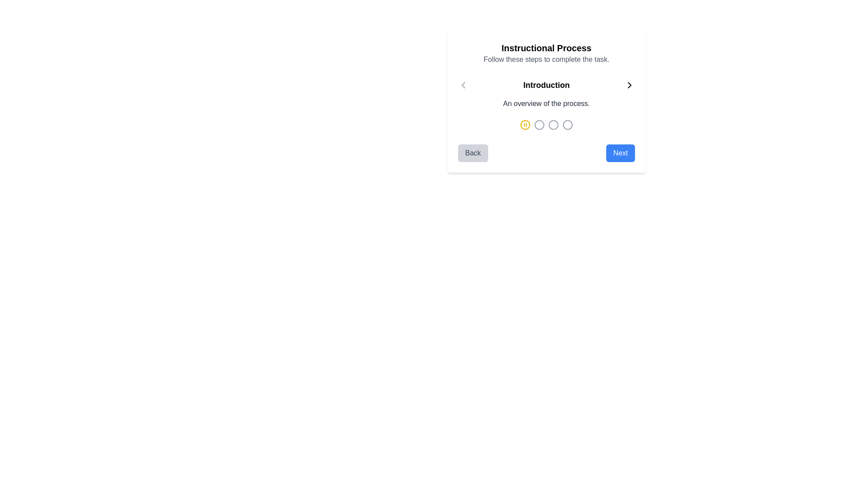 This screenshot has height=477, width=849. What do you see at coordinates (525, 125) in the screenshot?
I see `the Step indicator icon, which is a circular icon with a yellow border and two vertical yellow bars in the center, positioned second from the left in a row of similar icons` at bounding box center [525, 125].